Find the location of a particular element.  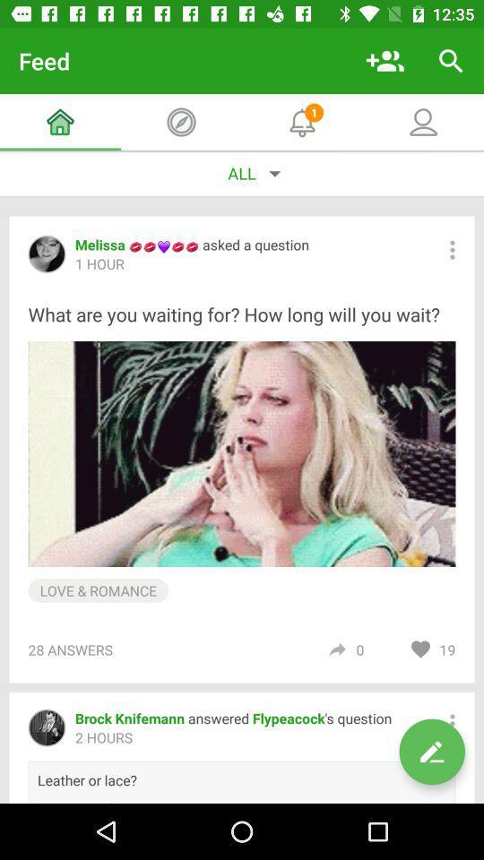

see more options by clicking here is located at coordinates (451, 249).